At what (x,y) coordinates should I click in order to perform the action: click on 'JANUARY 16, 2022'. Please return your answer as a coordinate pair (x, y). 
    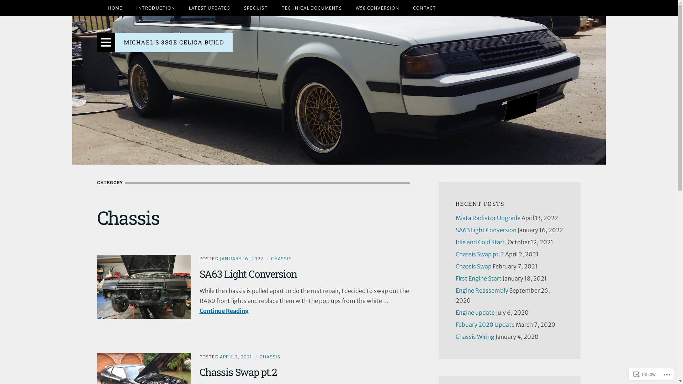
    Looking at the image, I should click on (241, 258).